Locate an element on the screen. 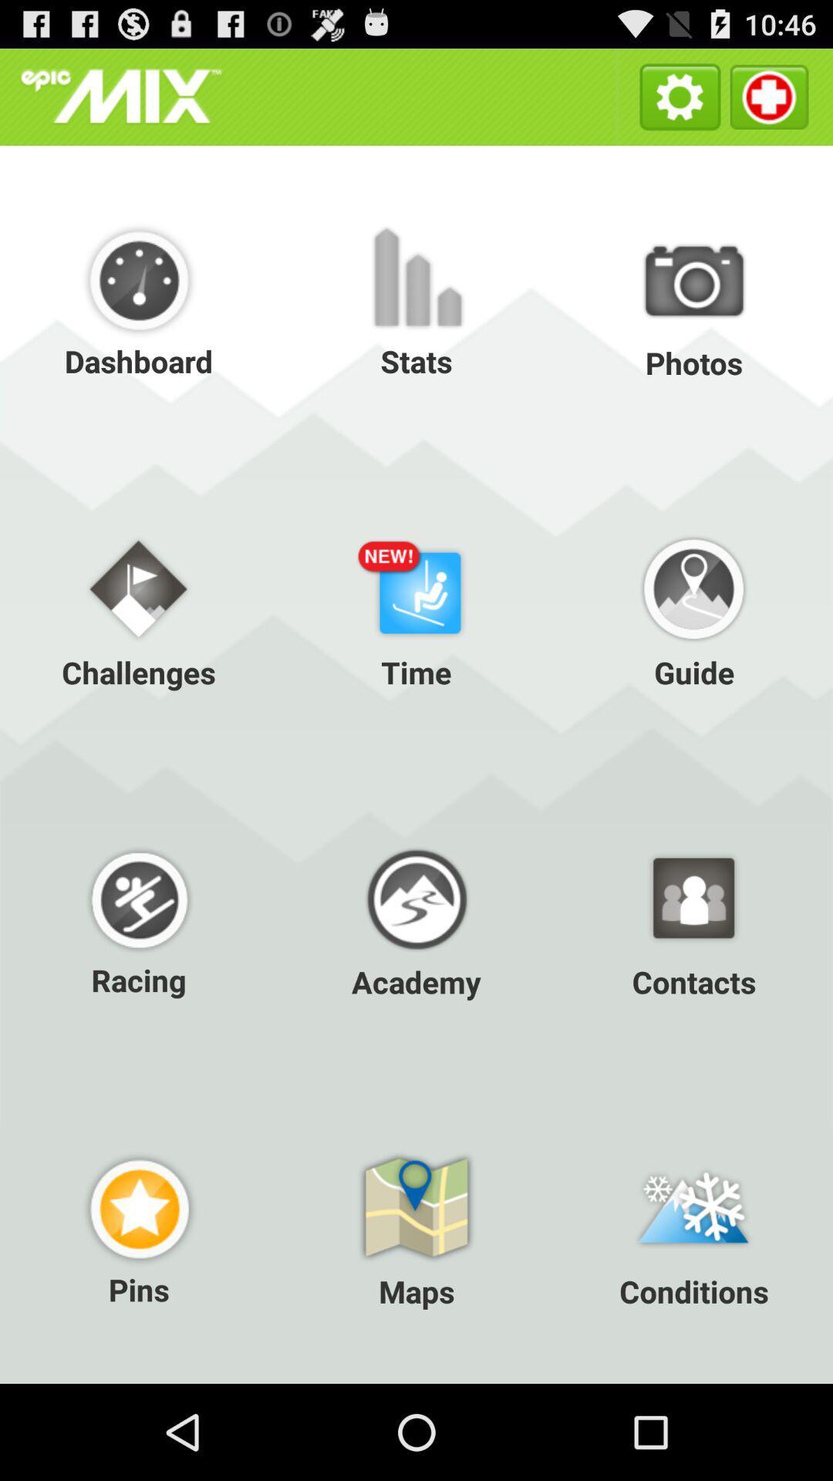 The height and width of the screenshot is (1481, 833). item below photos icon is located at coordinates (416, 609).